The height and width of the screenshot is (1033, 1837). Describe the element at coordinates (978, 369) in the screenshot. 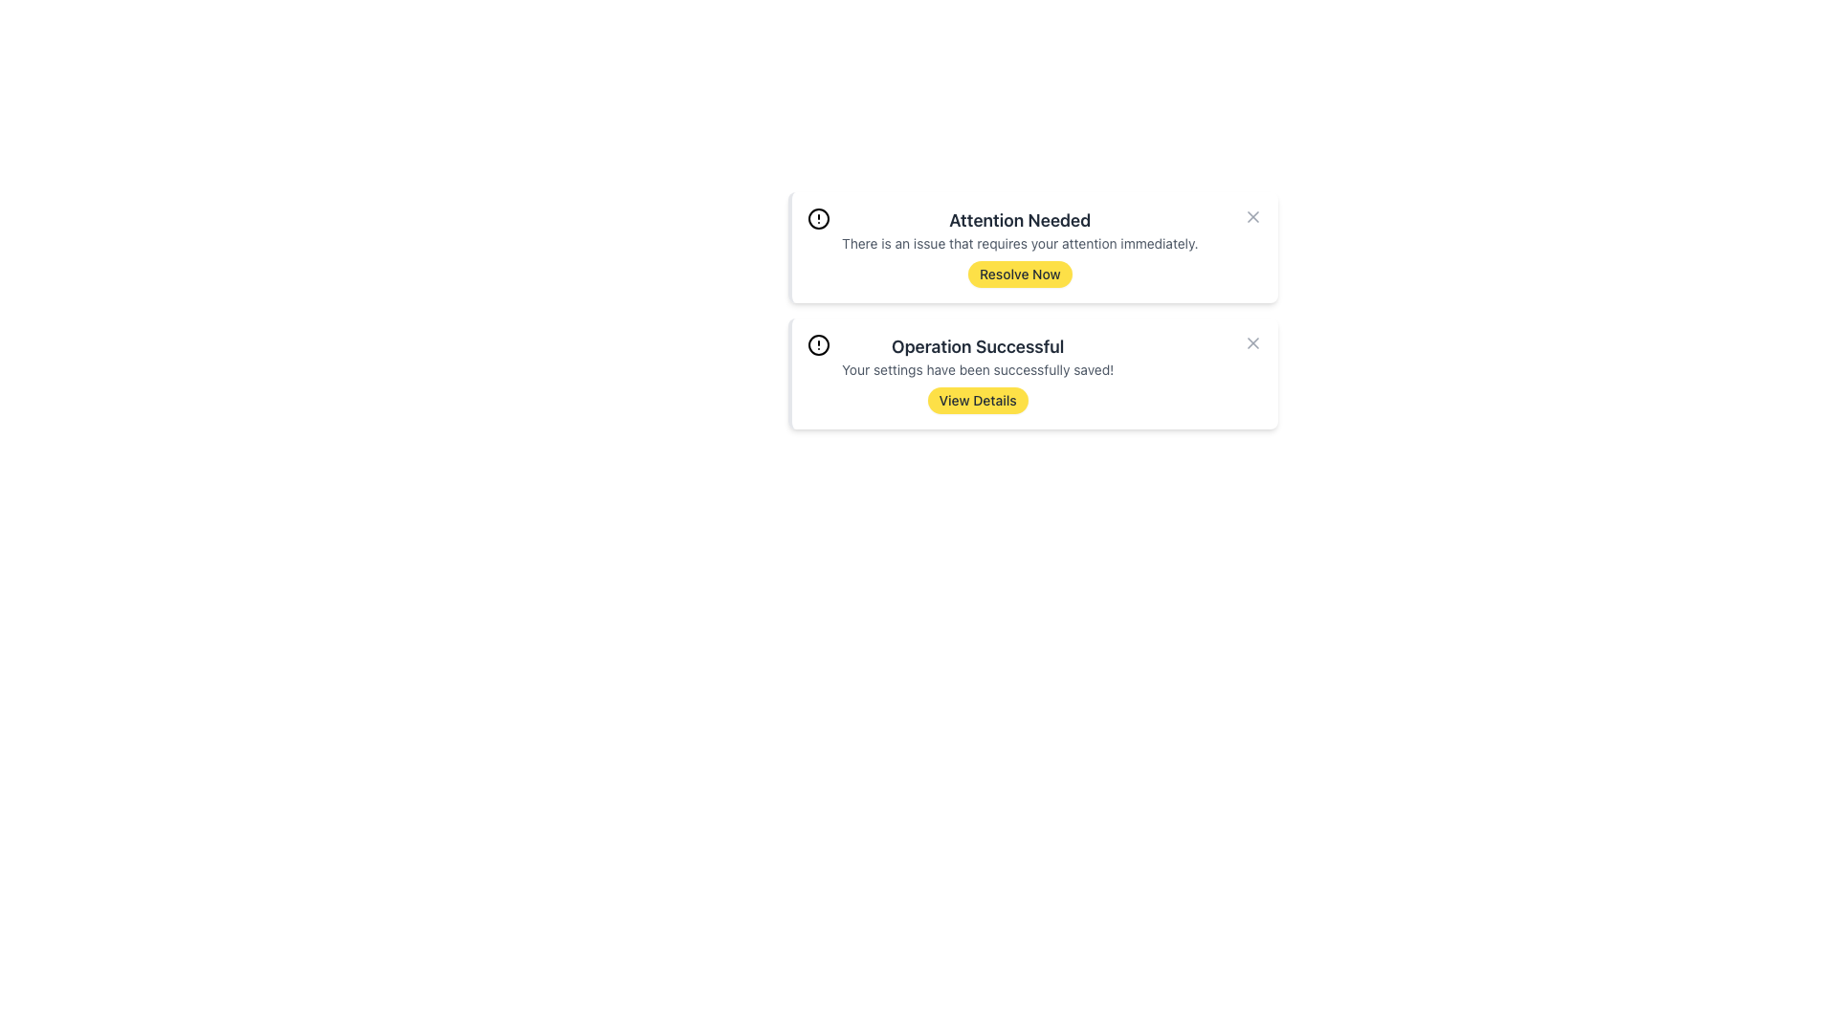

I see `the static feedback message confirming that settings have been successfully saved, which is located within the notification card directly below the 'Operation Successful' header` at that location.